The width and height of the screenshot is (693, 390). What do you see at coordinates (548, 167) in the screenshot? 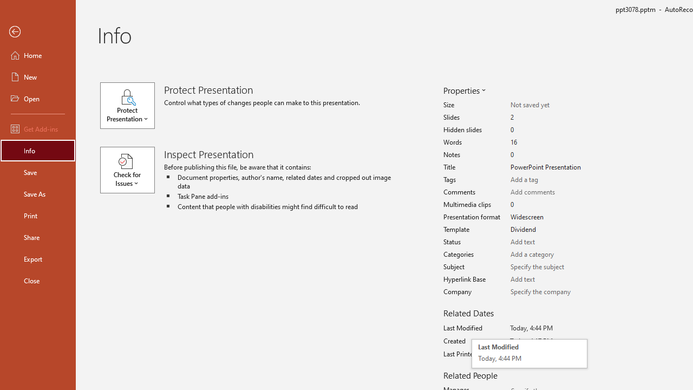
I see `'Title'` at bounding box center [548, 167].